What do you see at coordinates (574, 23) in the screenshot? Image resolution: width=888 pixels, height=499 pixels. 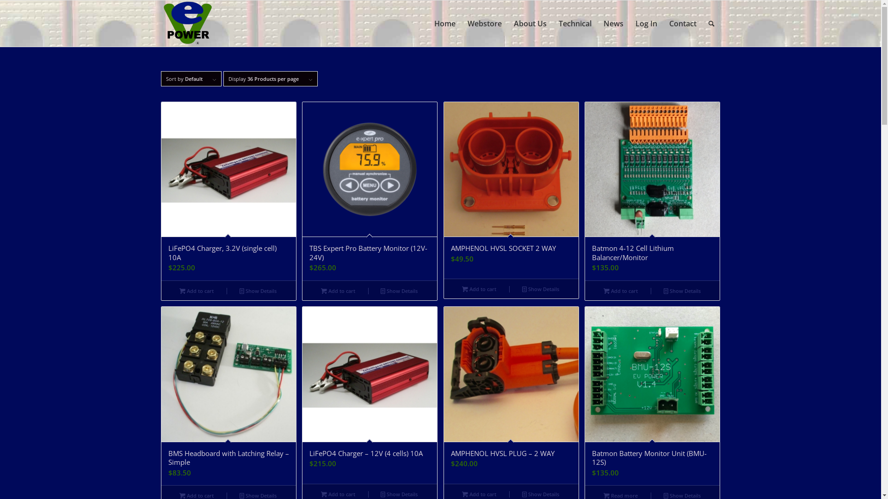 I see `'Technical'` at bounding box center [574, 23].